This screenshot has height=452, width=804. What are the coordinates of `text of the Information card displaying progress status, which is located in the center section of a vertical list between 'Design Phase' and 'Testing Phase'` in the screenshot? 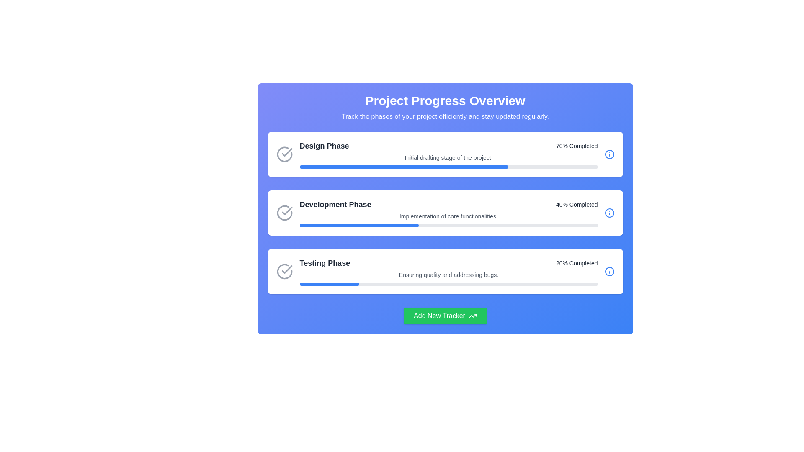 It's located at (448, 213).